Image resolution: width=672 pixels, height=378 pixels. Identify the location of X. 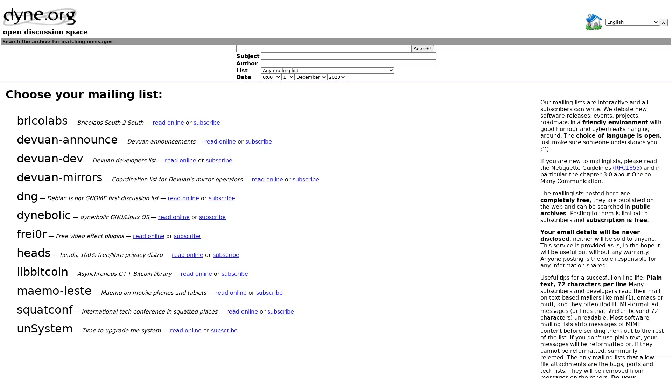
(663, 22).